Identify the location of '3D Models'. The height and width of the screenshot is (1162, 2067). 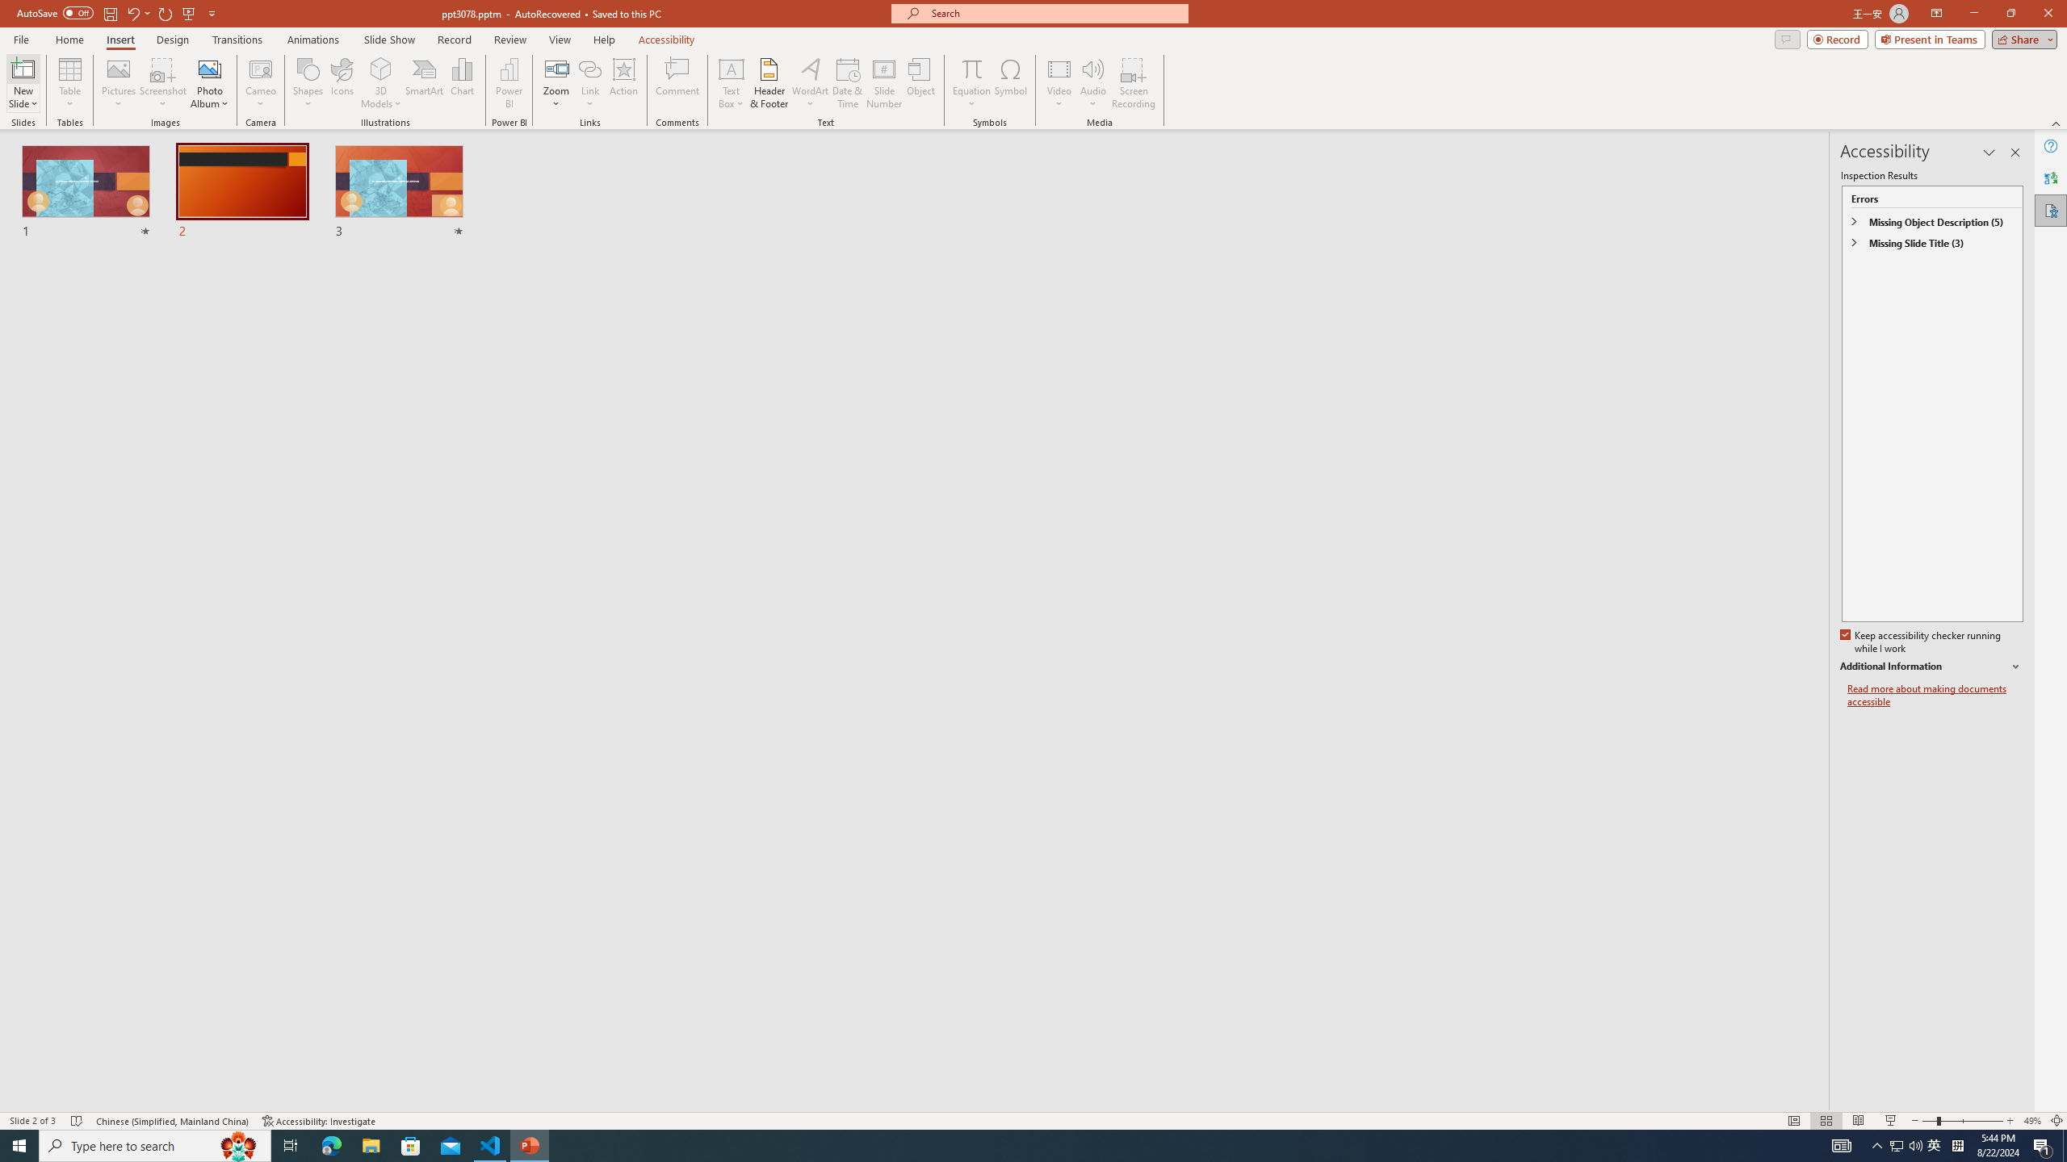
(381, 83).